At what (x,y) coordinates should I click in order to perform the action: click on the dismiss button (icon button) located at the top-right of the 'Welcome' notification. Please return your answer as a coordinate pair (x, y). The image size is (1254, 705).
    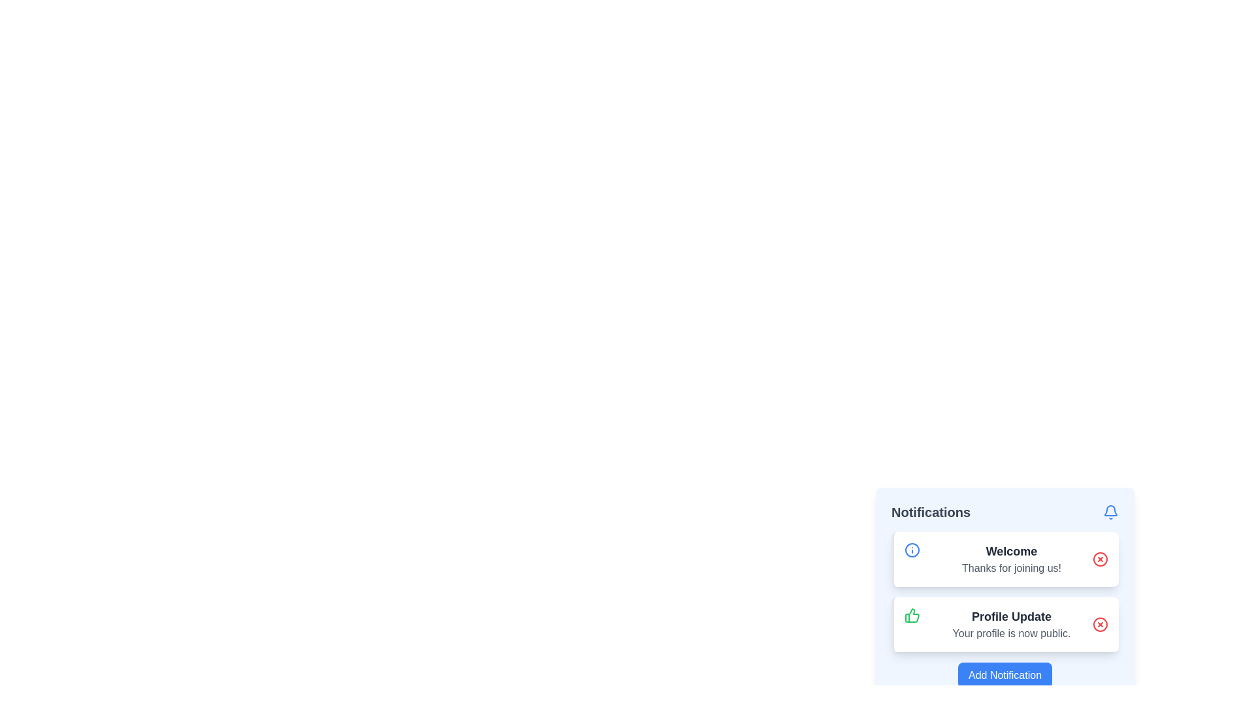
    Looking at the image, I should click on (1099, 558).